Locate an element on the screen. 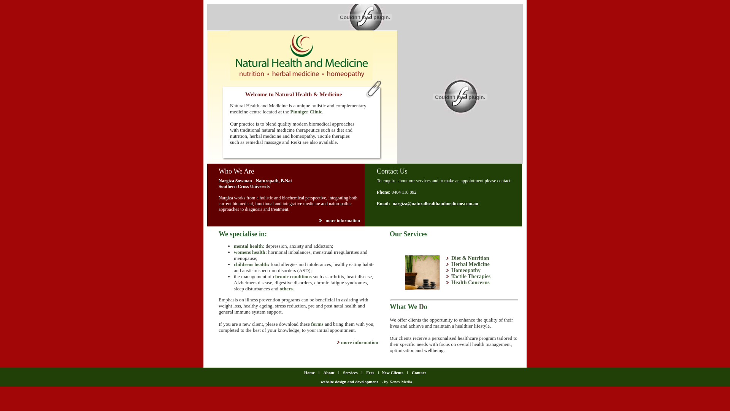 The width and height of the screenshot is (730, 411). 'Home' is located at coordinates (309, 372).